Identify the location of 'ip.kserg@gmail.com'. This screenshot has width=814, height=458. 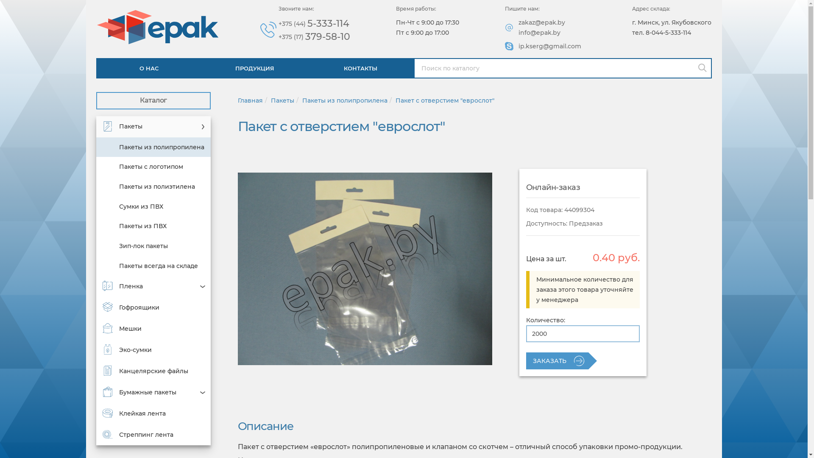
(518, 46).